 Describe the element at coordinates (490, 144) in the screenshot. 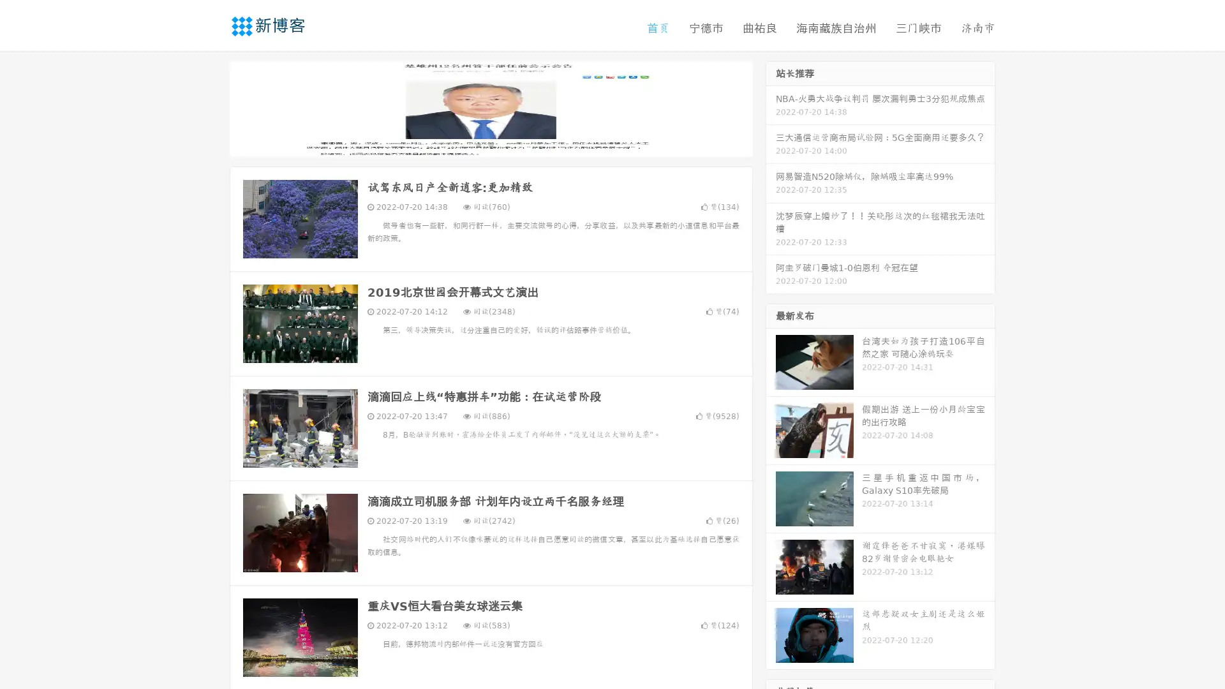

I see `Go to slide 2` at that location.